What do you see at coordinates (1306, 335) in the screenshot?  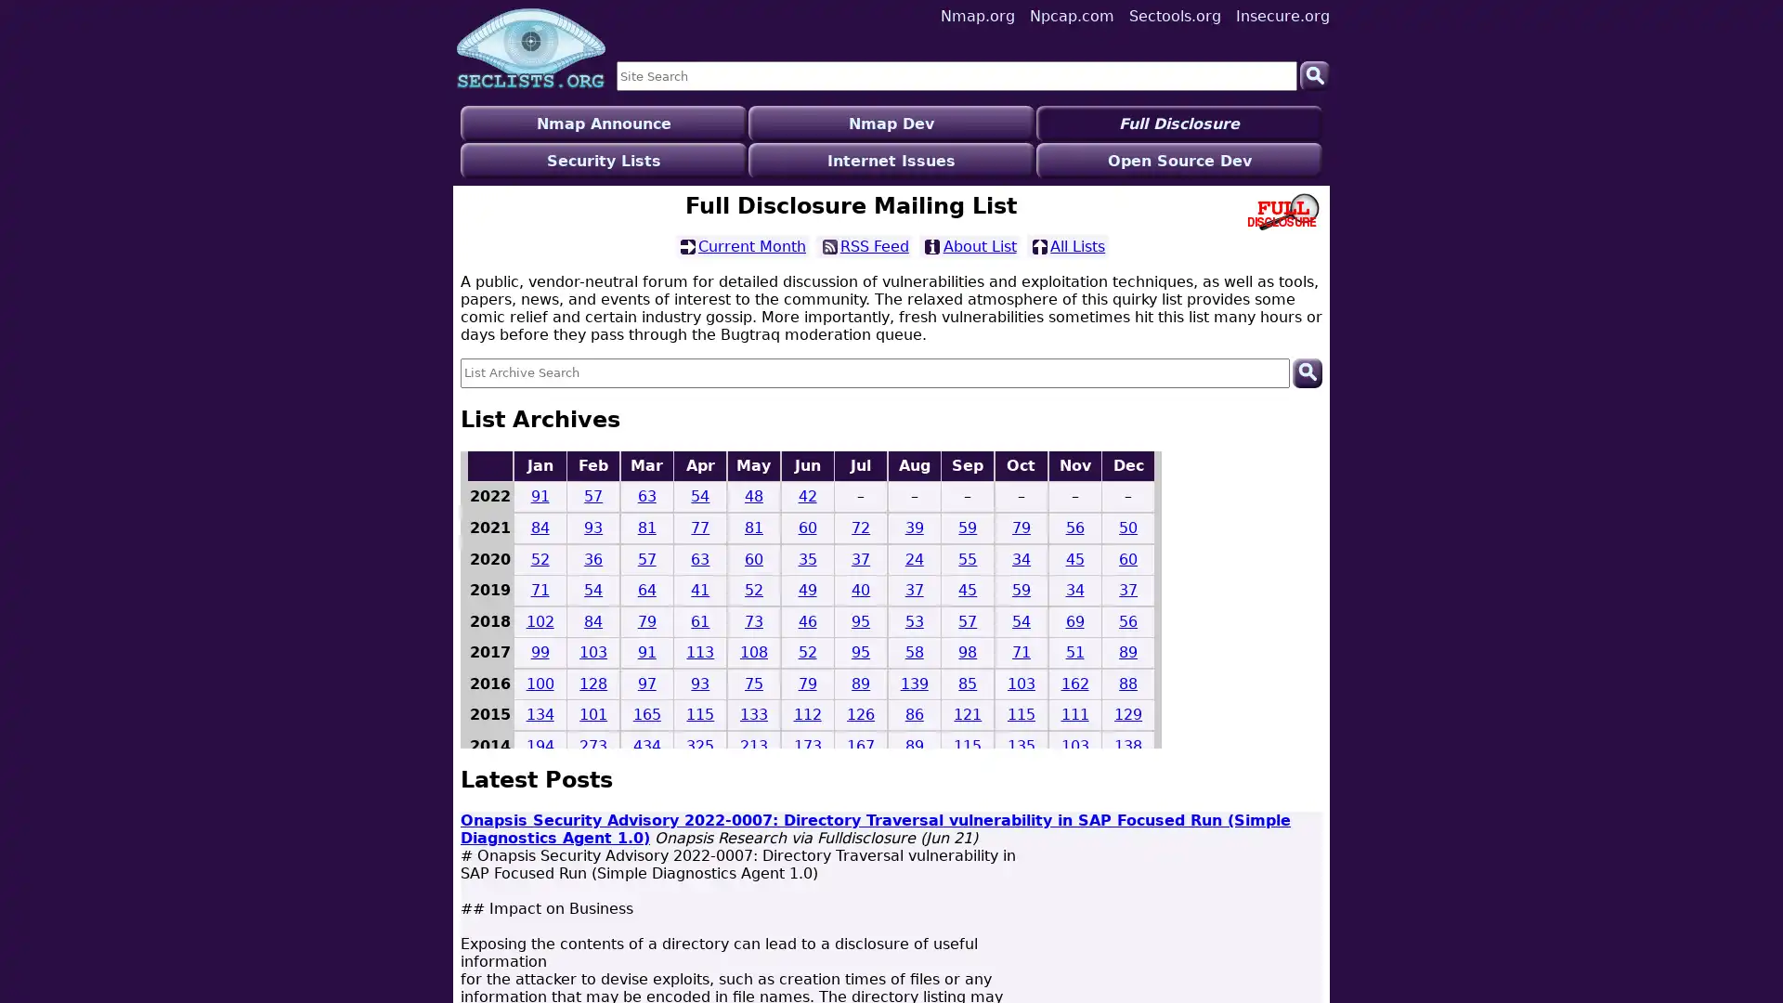 I see `Search` at bounding box center [1306, 335].